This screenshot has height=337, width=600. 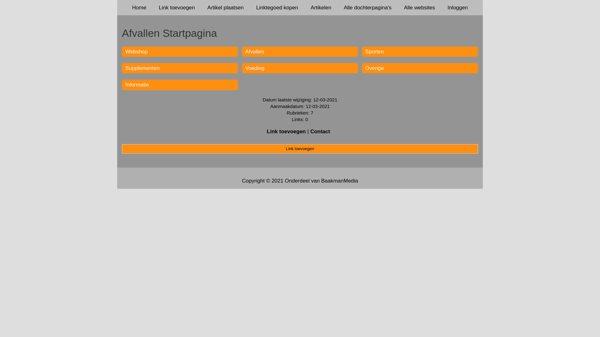 What do you see at coordinates (367, 7) in the screenshot?
I see `'Alle dochterpagina's'` at bounding box center [367, 7].